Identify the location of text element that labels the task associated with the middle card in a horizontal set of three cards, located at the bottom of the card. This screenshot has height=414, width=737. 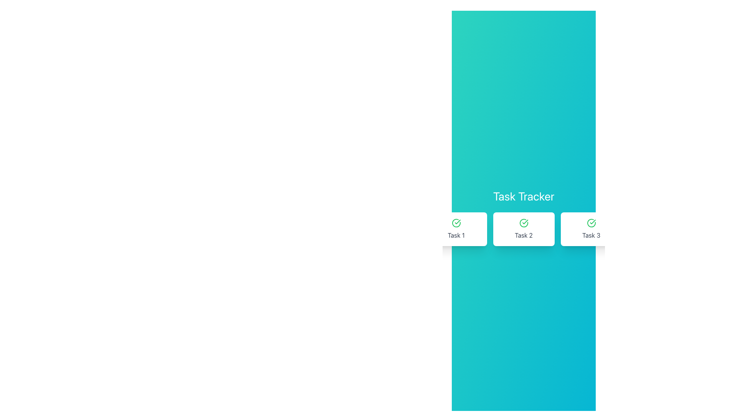
(523, 235).